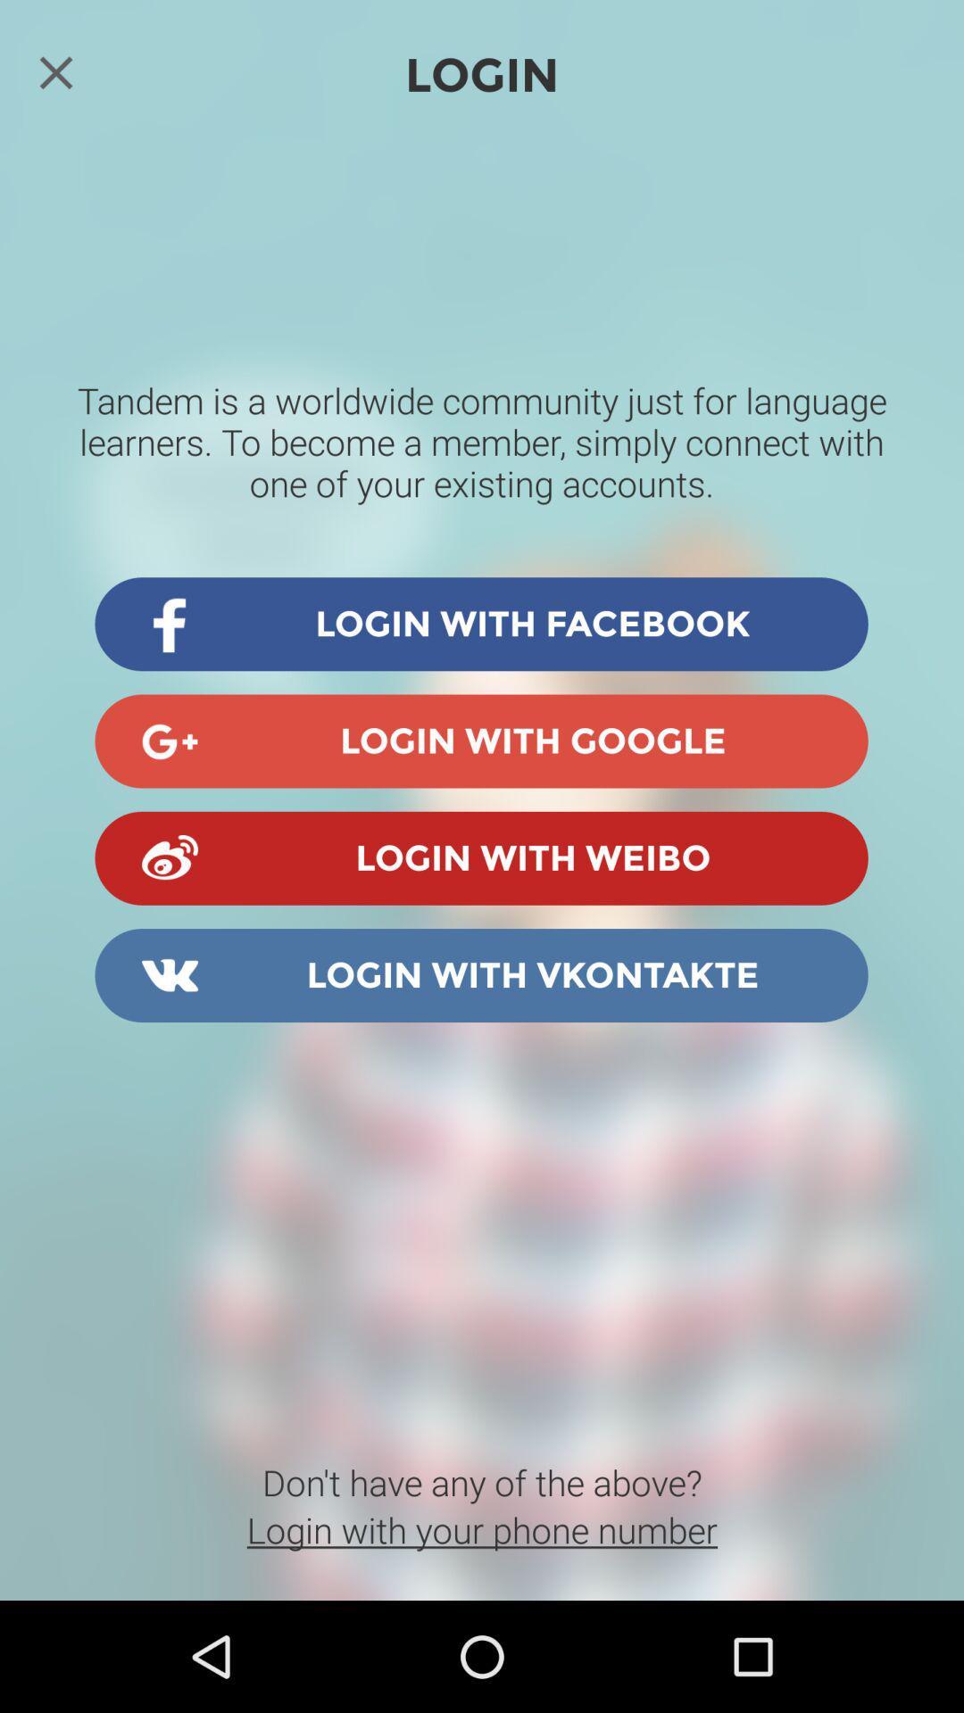 This screenshot has height=1713, width=964. What do you see at coordinates (54, 71) in the screenshot?
I see `button` at bounding box center [54, 71].